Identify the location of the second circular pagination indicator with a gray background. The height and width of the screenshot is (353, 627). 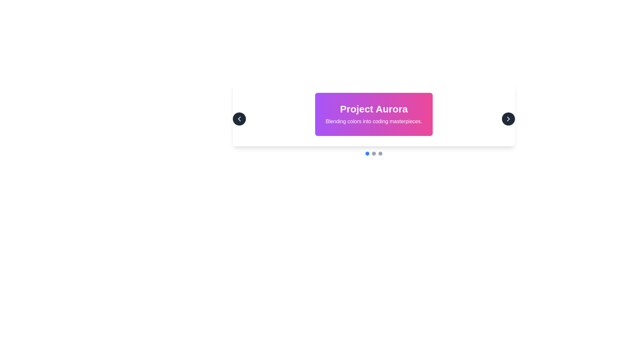
(374, 154).